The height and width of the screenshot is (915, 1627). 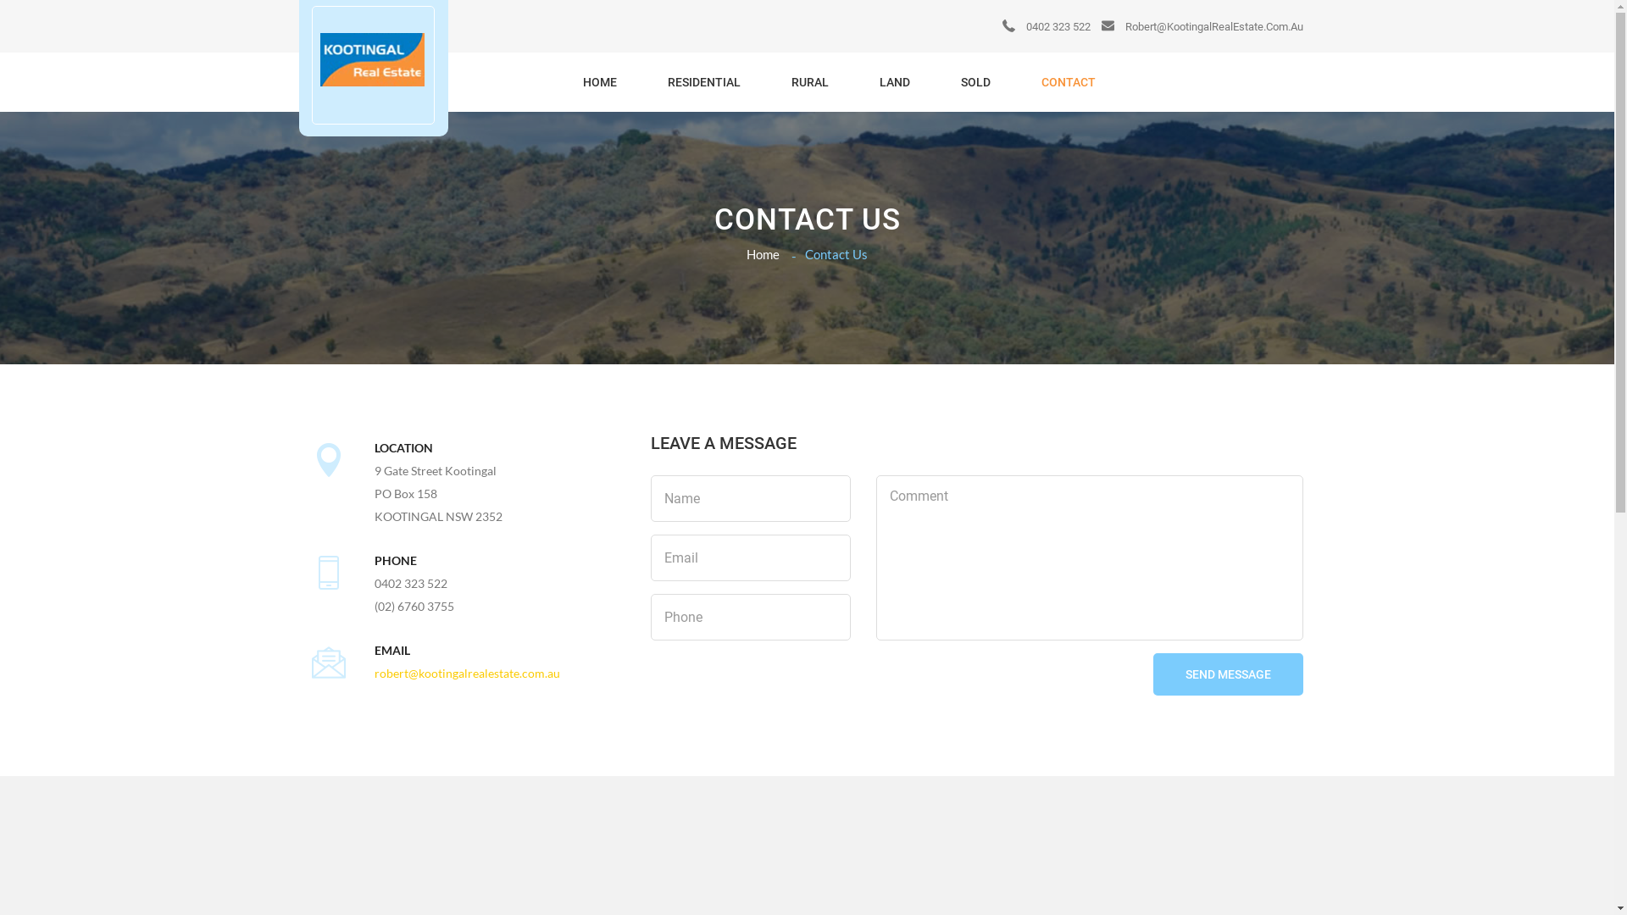 What do you see at coordinates (808, 81) in the screenshot?
I see `'RURAL'` at bounding box center [808, 81].